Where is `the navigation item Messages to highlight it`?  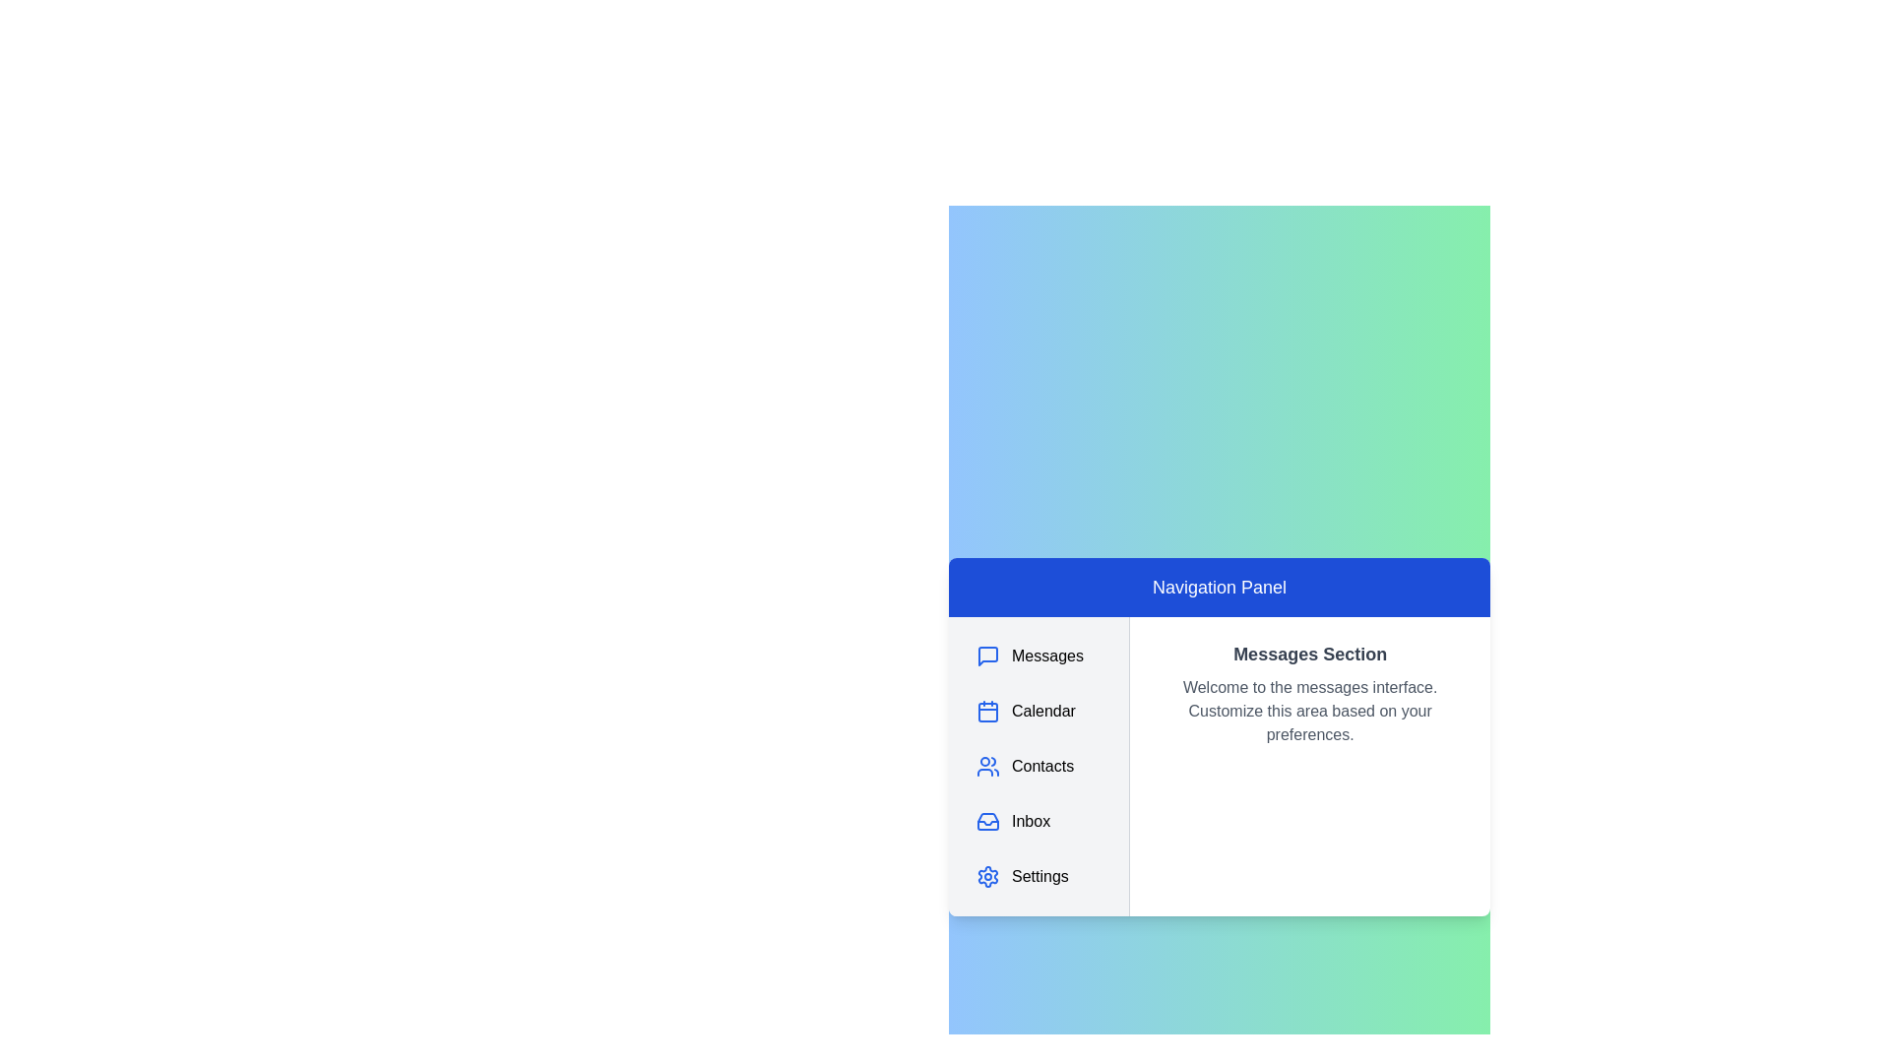 the navigation item Messages to highlight it is located at coordinates (1038, 657).